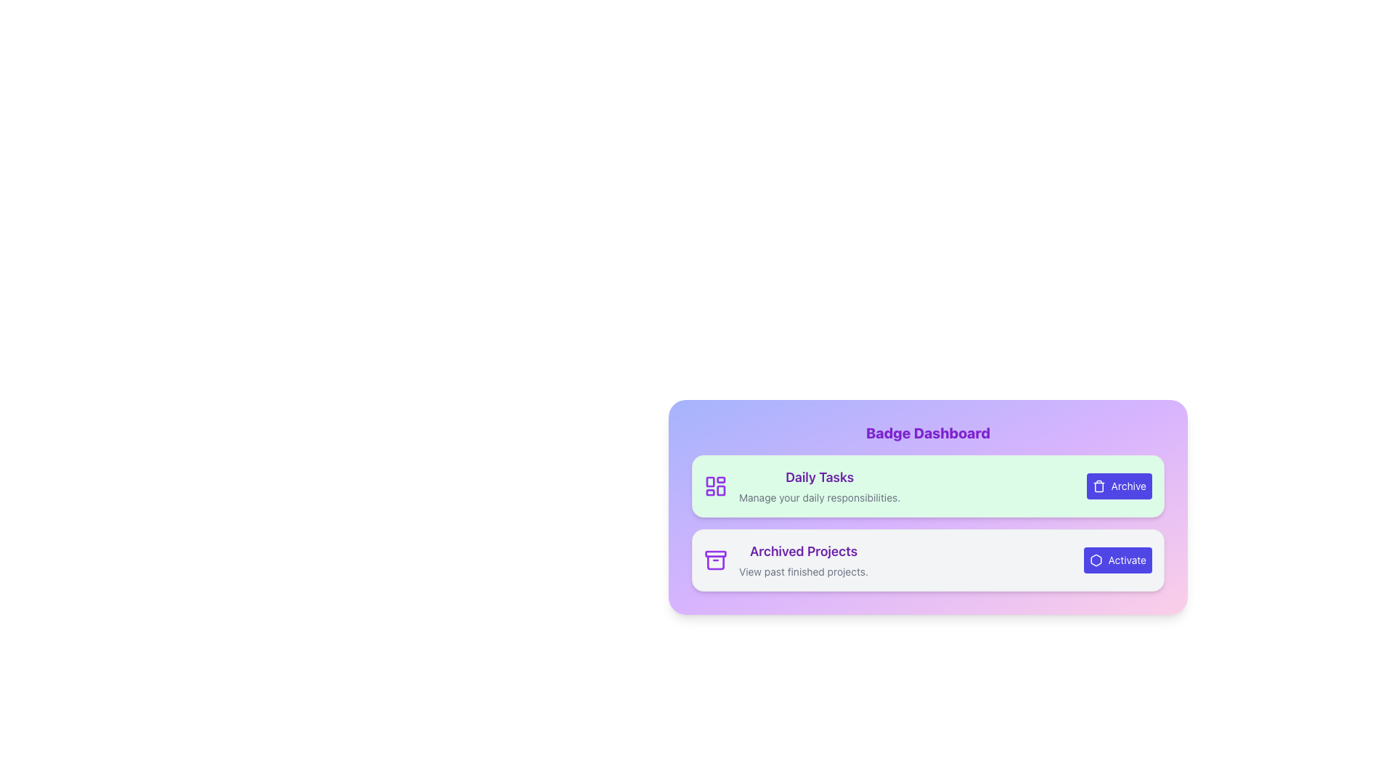  I want to click on the text label providing a concise description under the 'Daily Tasks' heading, so click(820, 497).